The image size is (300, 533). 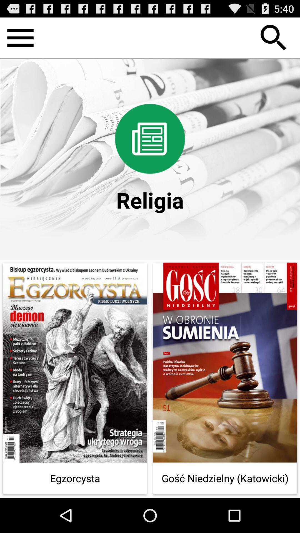 What do you see at coordinates (20, 37) in the screenshot?
I see `open the menu` at bounding box center [20, 37].